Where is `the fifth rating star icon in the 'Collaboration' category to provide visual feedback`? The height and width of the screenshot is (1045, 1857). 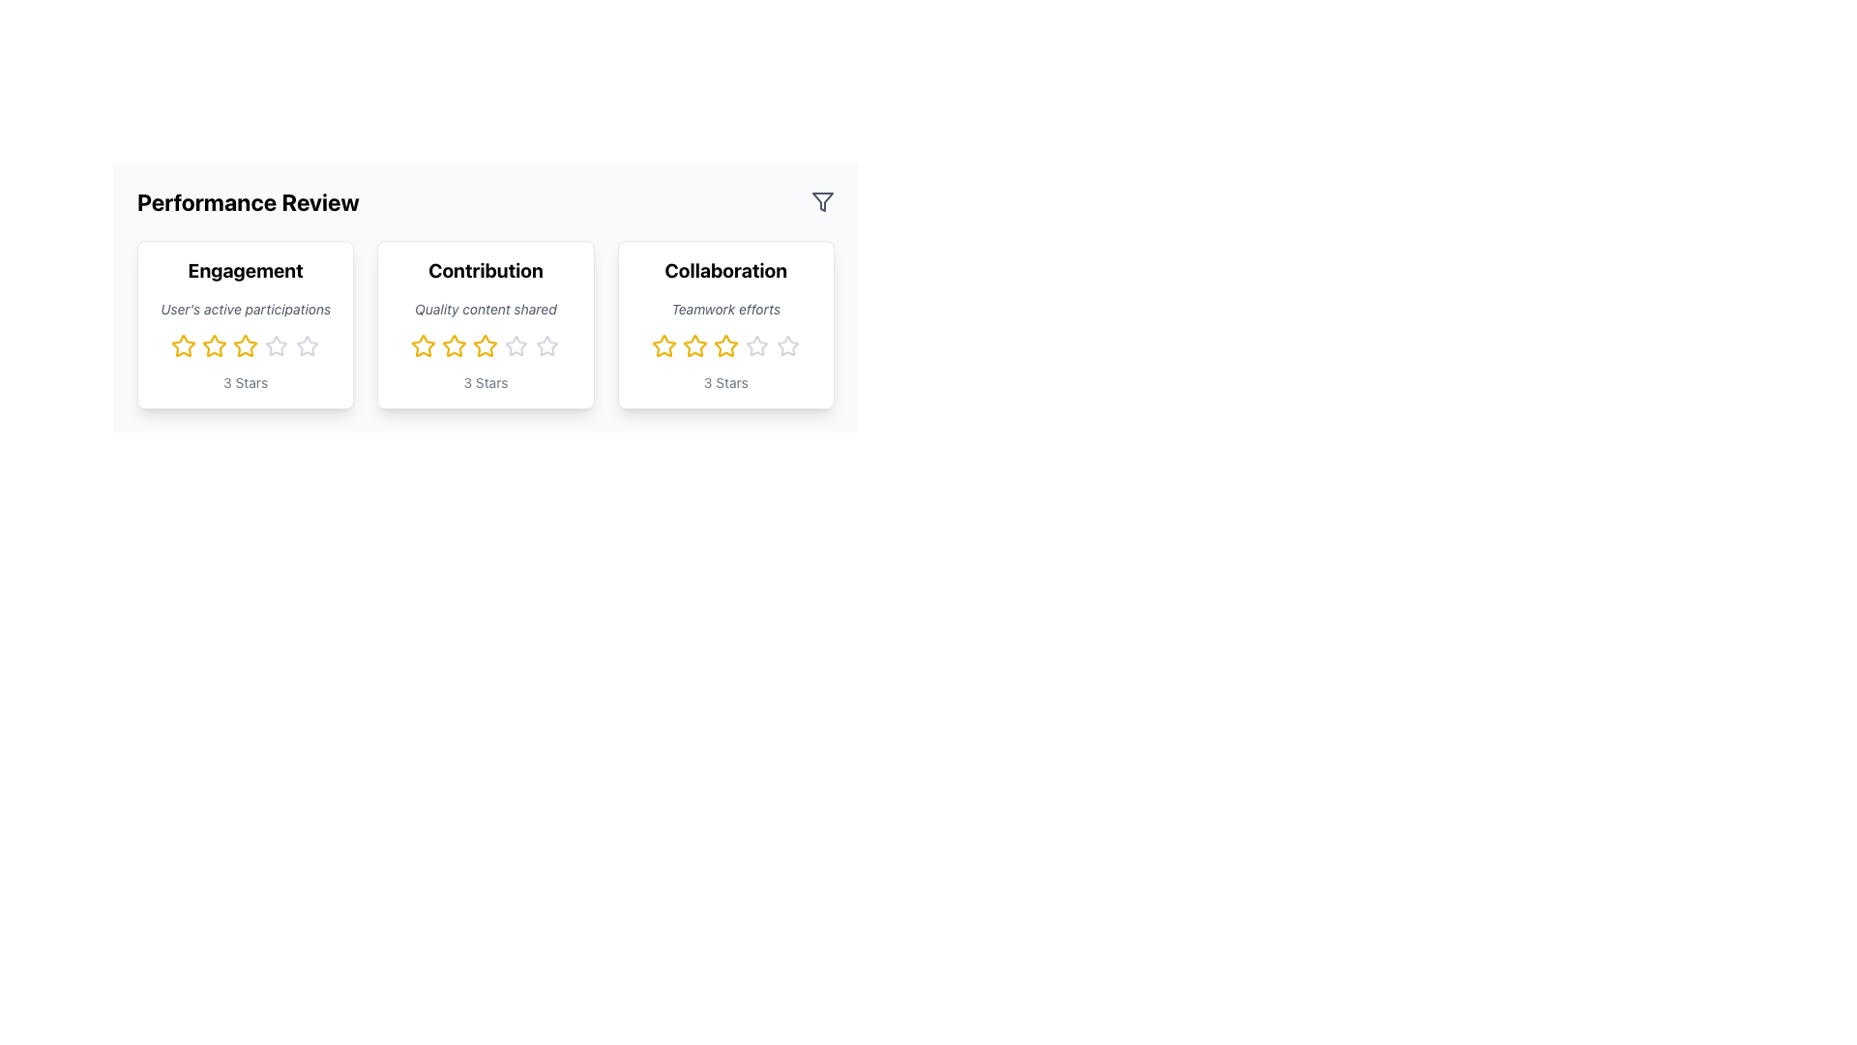 the fifth rating star icon in the 'Collaboration' category to provide visual feedback is located at coordinates (787, 344).